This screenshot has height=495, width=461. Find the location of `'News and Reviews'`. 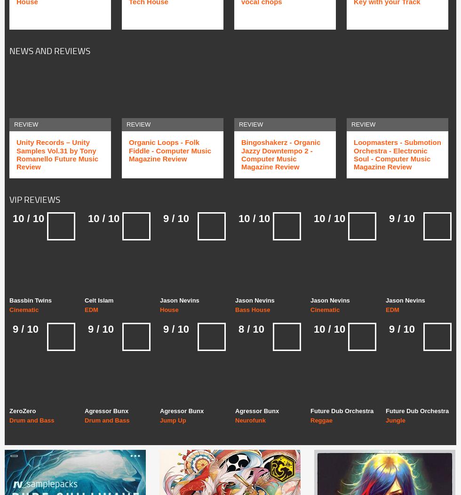

'News and Reviews' is located at coordinates (9, 50).